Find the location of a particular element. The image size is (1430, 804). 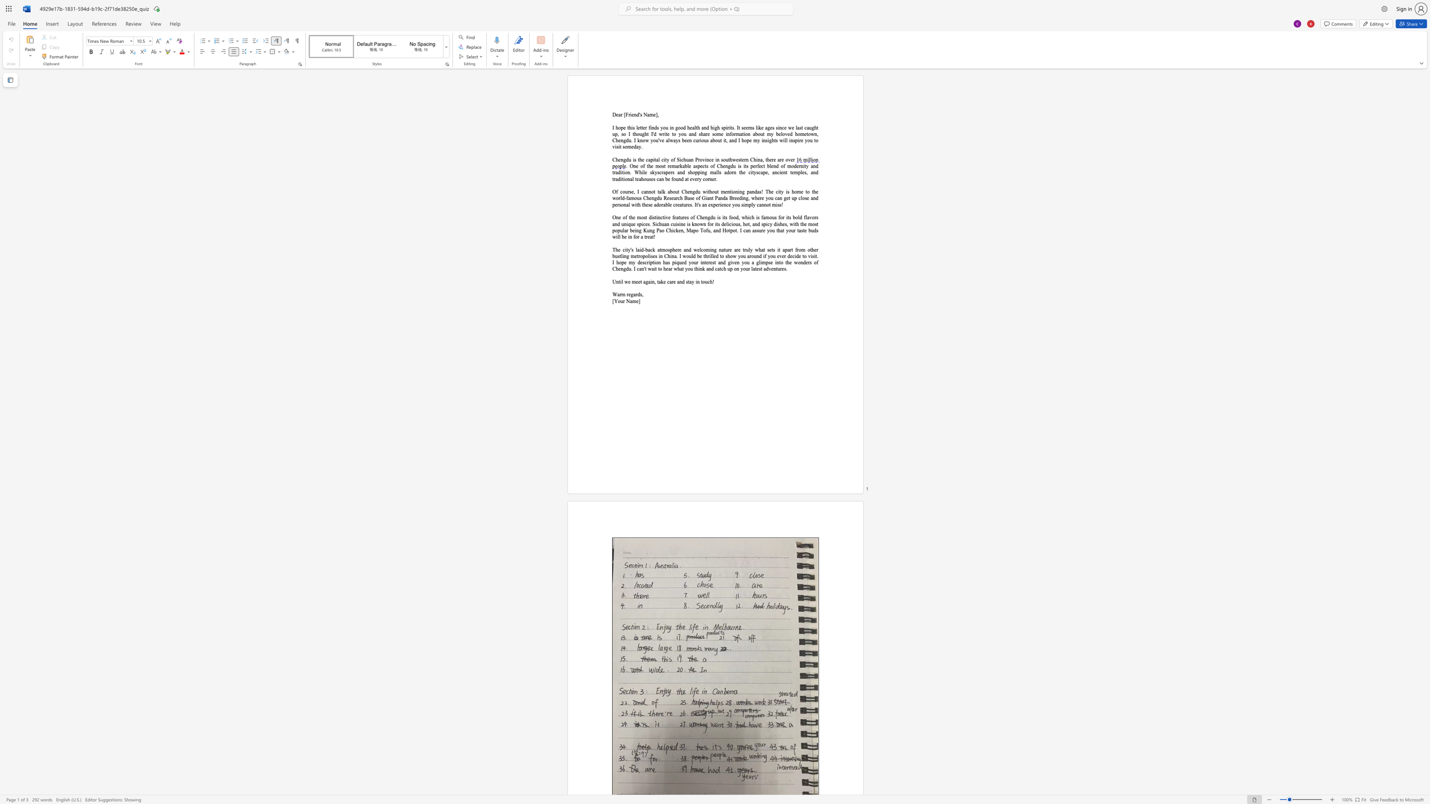

the space between the continuous character "s" and "." in the text is located at coordinates (734, 127).